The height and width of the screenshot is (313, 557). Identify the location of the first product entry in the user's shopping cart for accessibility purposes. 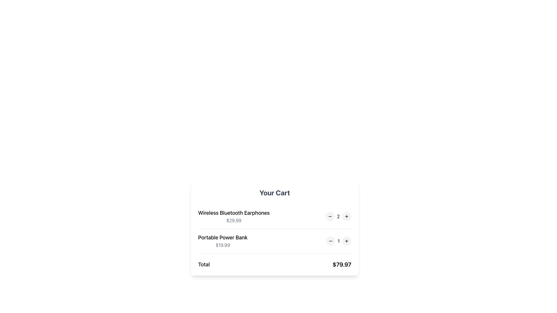
(234, 216).